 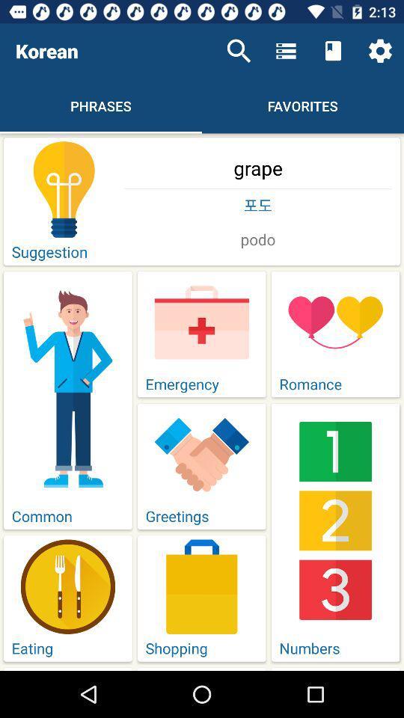 I want to click on icon above the favorites icon, so click(x=333, y=51).